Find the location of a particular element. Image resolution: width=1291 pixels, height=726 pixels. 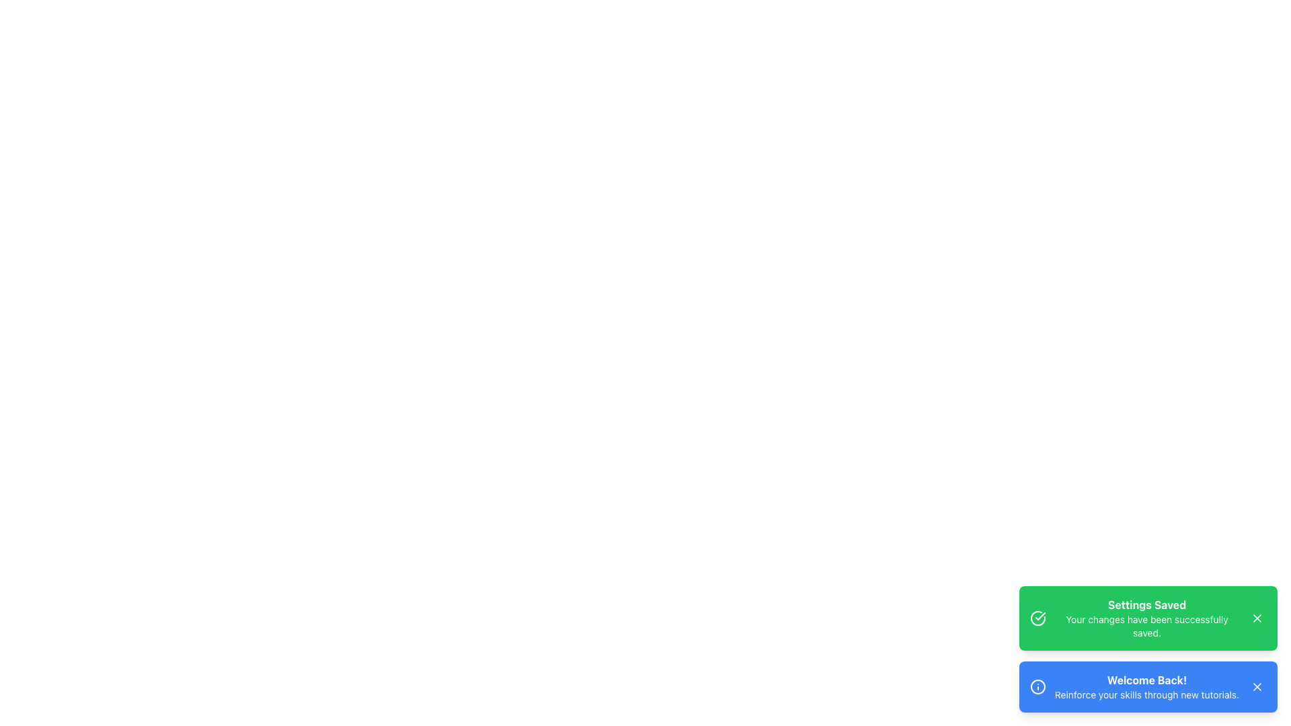

the static text message that reads 'Your changes have been successfully saved.' which is displayed in small font with a green background and white text, located centrally within the notification card beneath the title 'Settings Saved.' is located at coordinates (1146, 627).